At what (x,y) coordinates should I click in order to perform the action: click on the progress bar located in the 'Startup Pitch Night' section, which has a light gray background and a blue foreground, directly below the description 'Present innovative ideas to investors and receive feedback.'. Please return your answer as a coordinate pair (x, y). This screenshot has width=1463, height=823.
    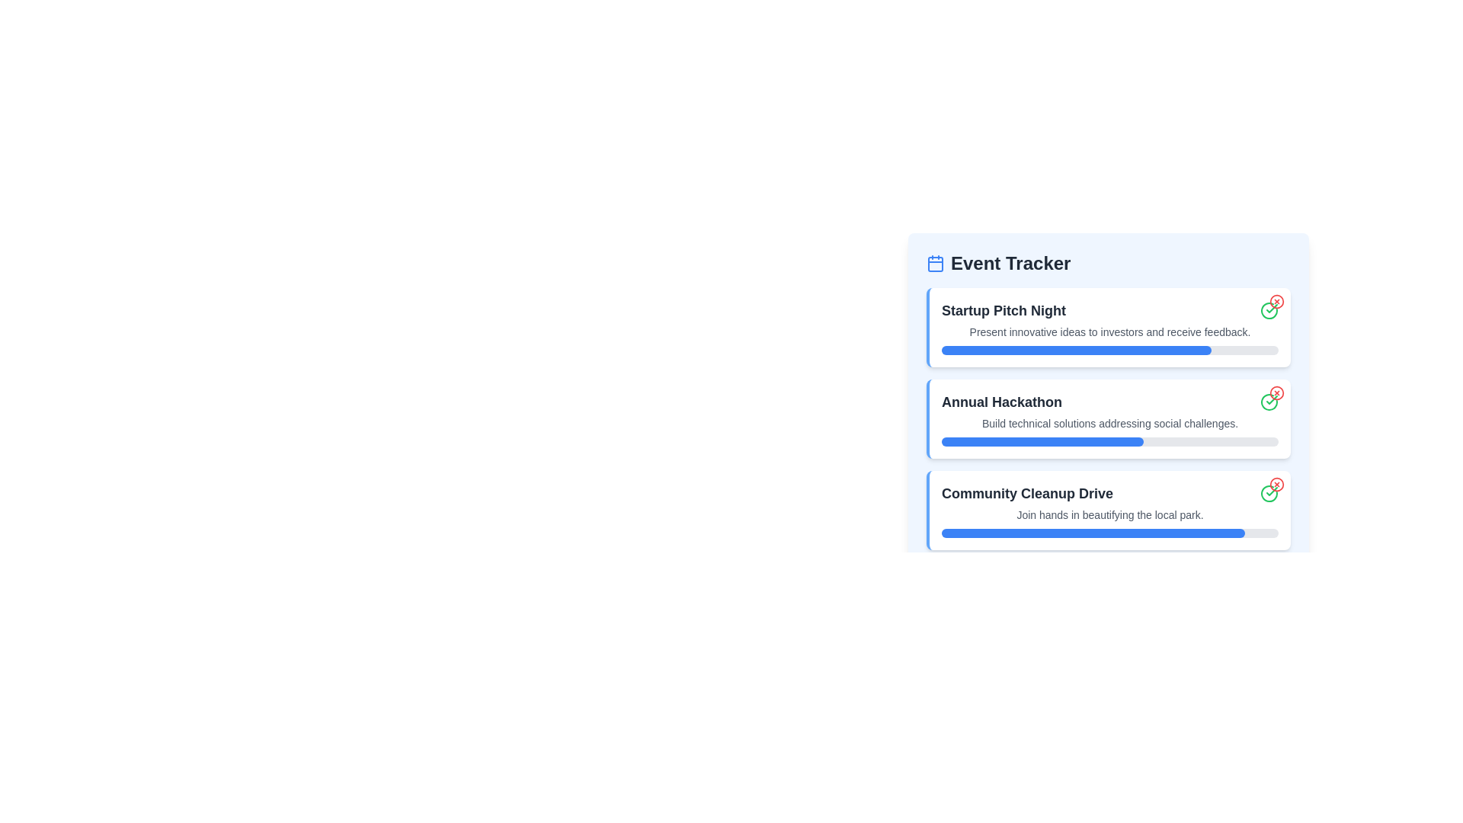
    Looking at the image, I should click on (1110, 350).